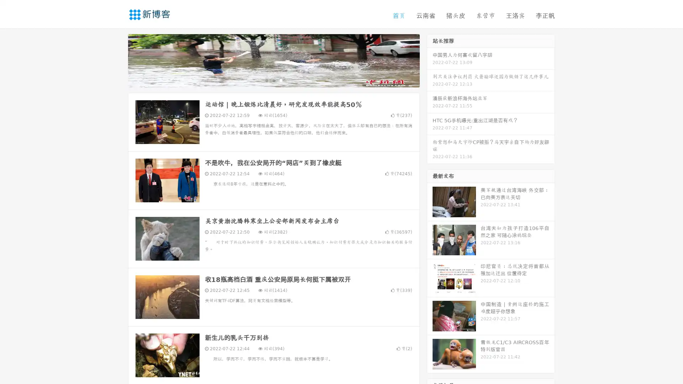 The width and height of the screenshot is (683, 384). What do you see at coordinates (281, 80) in the screenshot?
I see `Go to slide 3` at bounding box center [281, 80].